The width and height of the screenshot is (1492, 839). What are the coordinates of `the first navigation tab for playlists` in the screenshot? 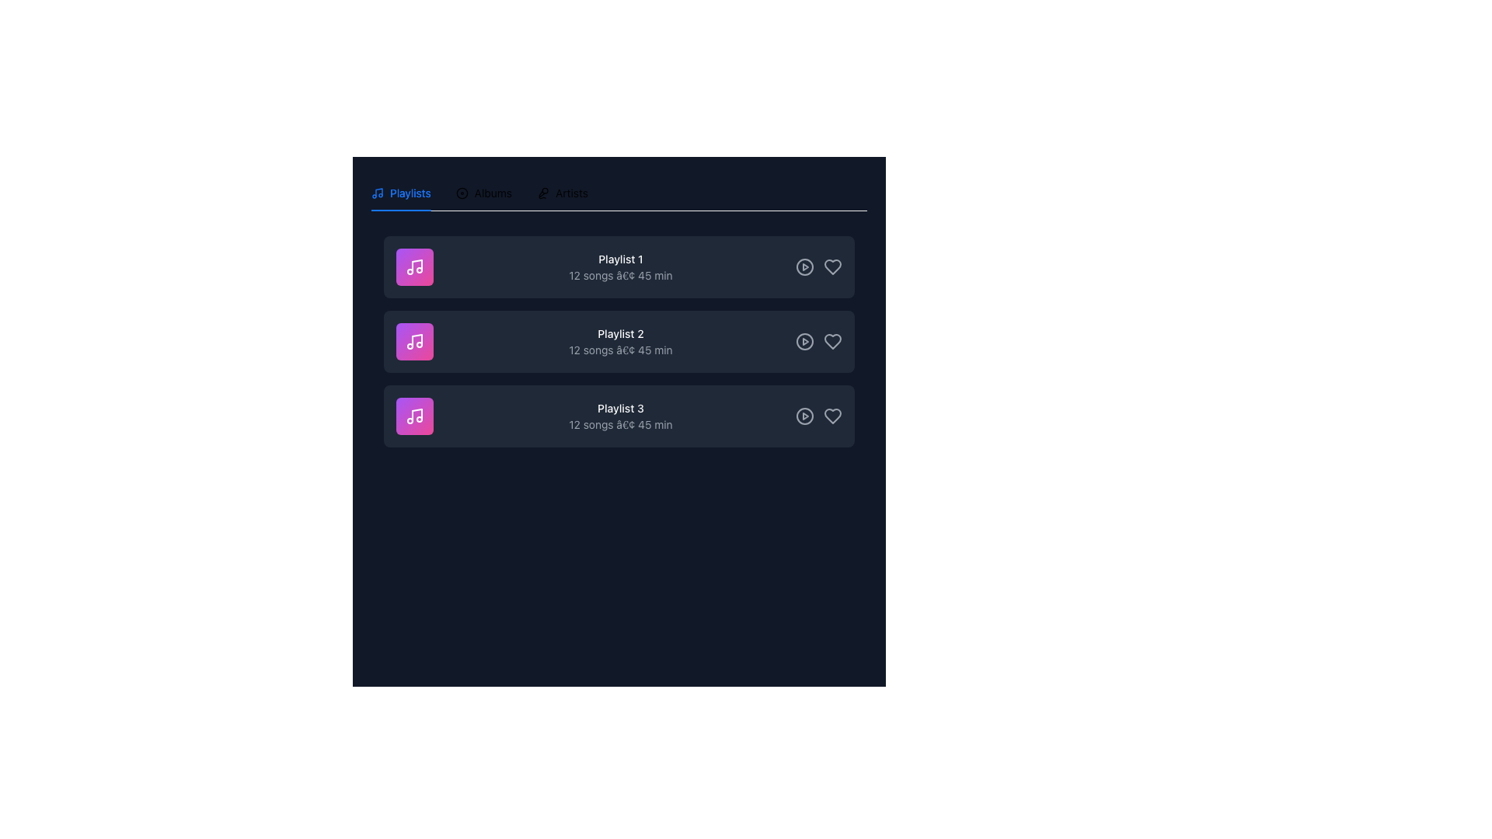 It's located at (401, 193).